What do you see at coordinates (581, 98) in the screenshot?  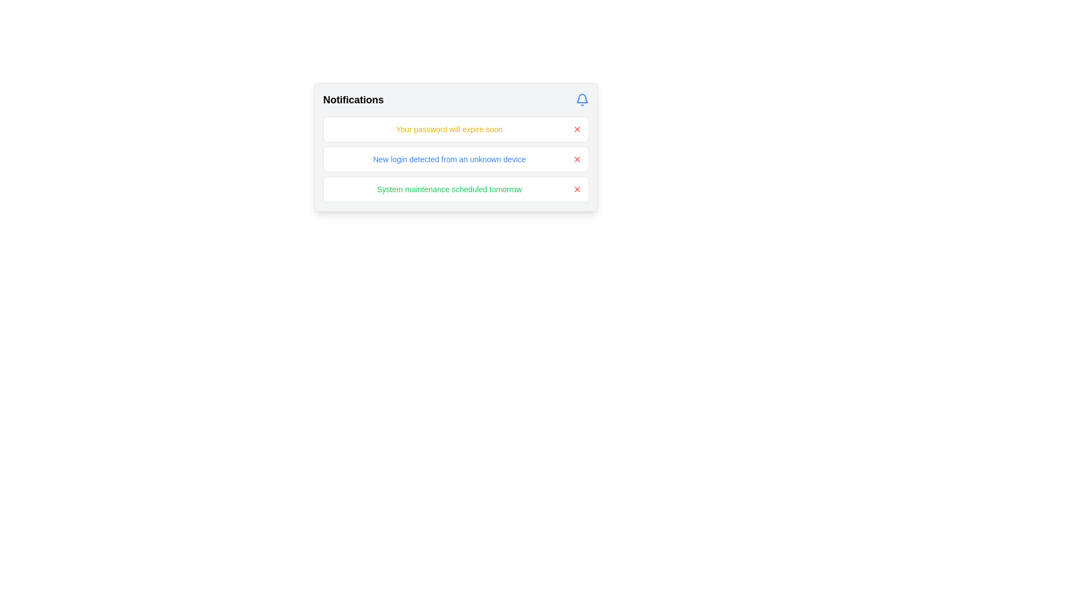 I see `the blue bell-shaped icon in the top-right corner of the notification panel to fetch new notifications` at bounding box center [581, 98].